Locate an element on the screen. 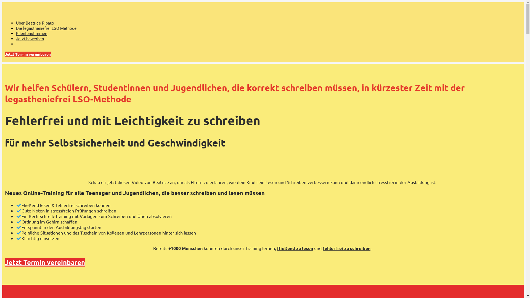  'Klientenstimmen' is located at coordinates (31, 34).